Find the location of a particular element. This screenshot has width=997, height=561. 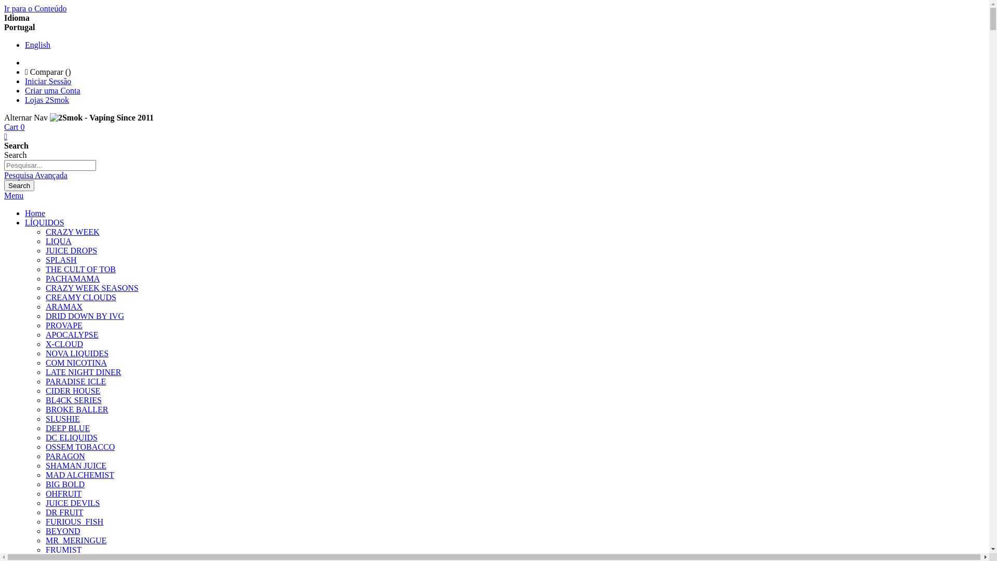

'DEEP BLUE' is located at coordinates (67, 428).